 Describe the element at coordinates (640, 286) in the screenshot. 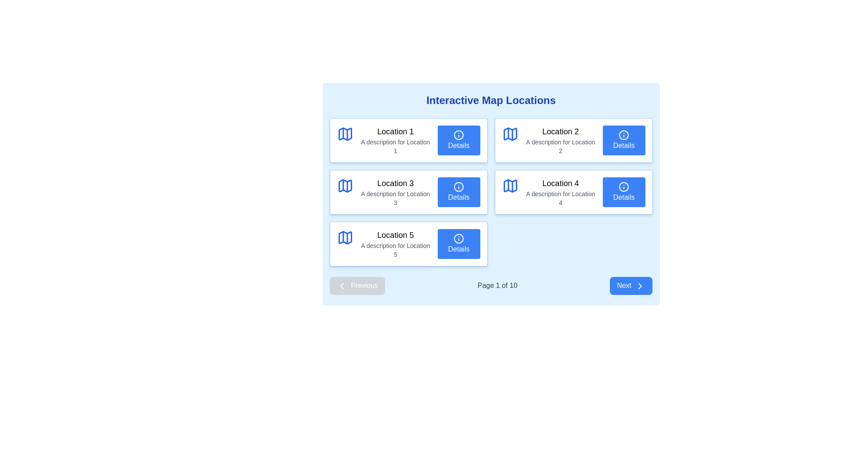

I see `the arrow-shaped icon within the 'Next' button to proceed to the next page or section` at that location.